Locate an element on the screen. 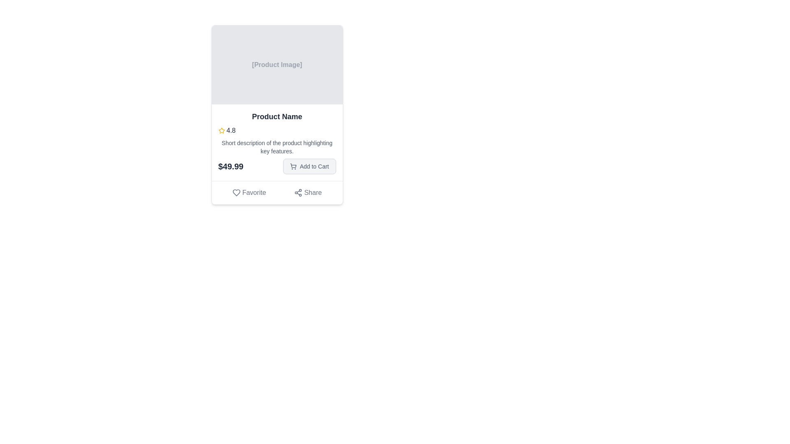 The height and width of the screenshot is (444, 790). the 'Share' button with an icon resembling a share symbol located is located at coordinates (307, 193).